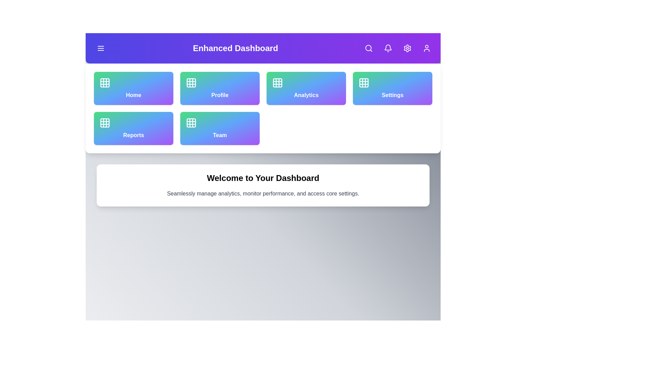 This screenshot has width=663, height=373. Describe the element at coordinates (100, 48) in the screenshot. I see `menu toggle button to toggle the menu visibility` at that location.